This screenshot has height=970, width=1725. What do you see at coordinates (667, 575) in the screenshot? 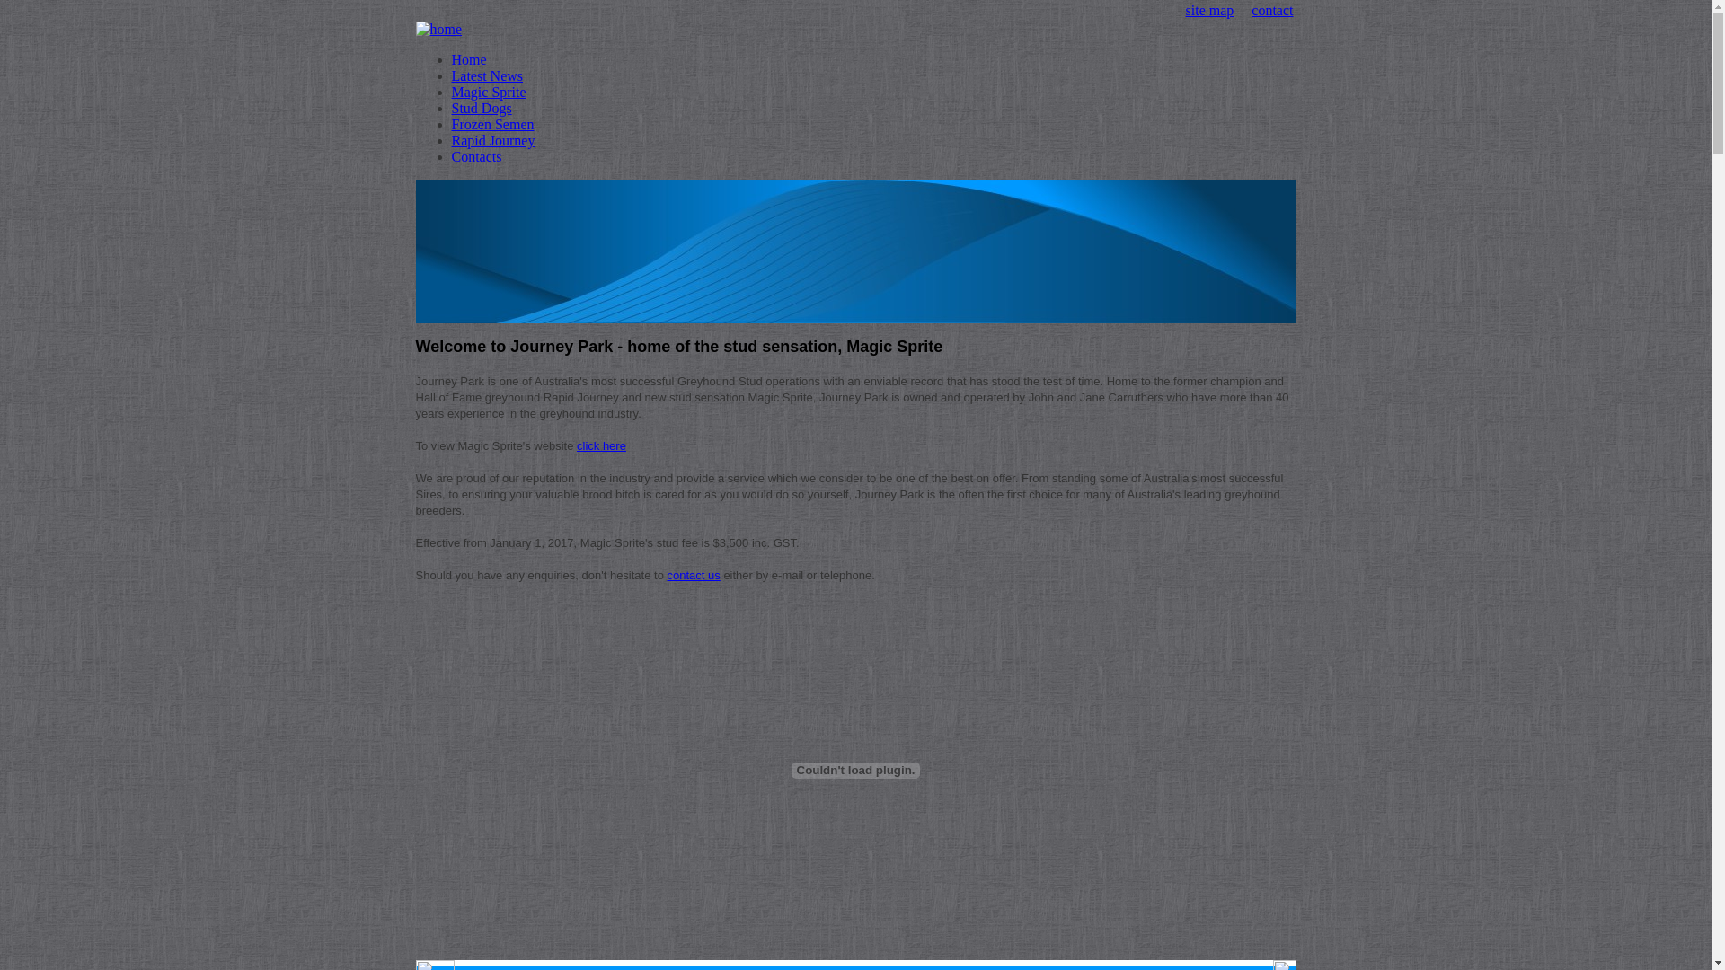
I see `'contact us'` at bounding box center [667, 575].